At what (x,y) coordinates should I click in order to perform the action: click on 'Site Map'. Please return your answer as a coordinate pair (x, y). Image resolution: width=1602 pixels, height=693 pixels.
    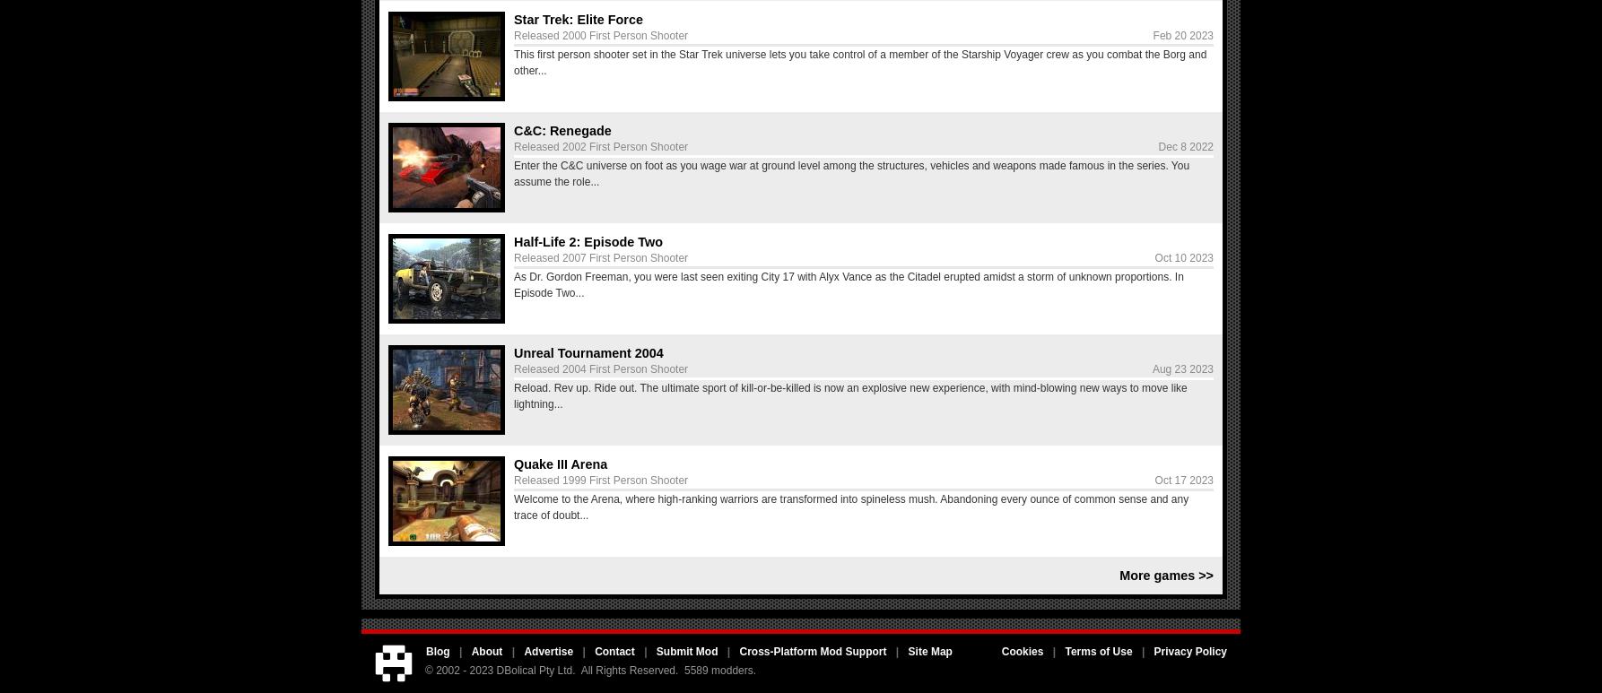
    Looking at the image, I should click on (929, 652).